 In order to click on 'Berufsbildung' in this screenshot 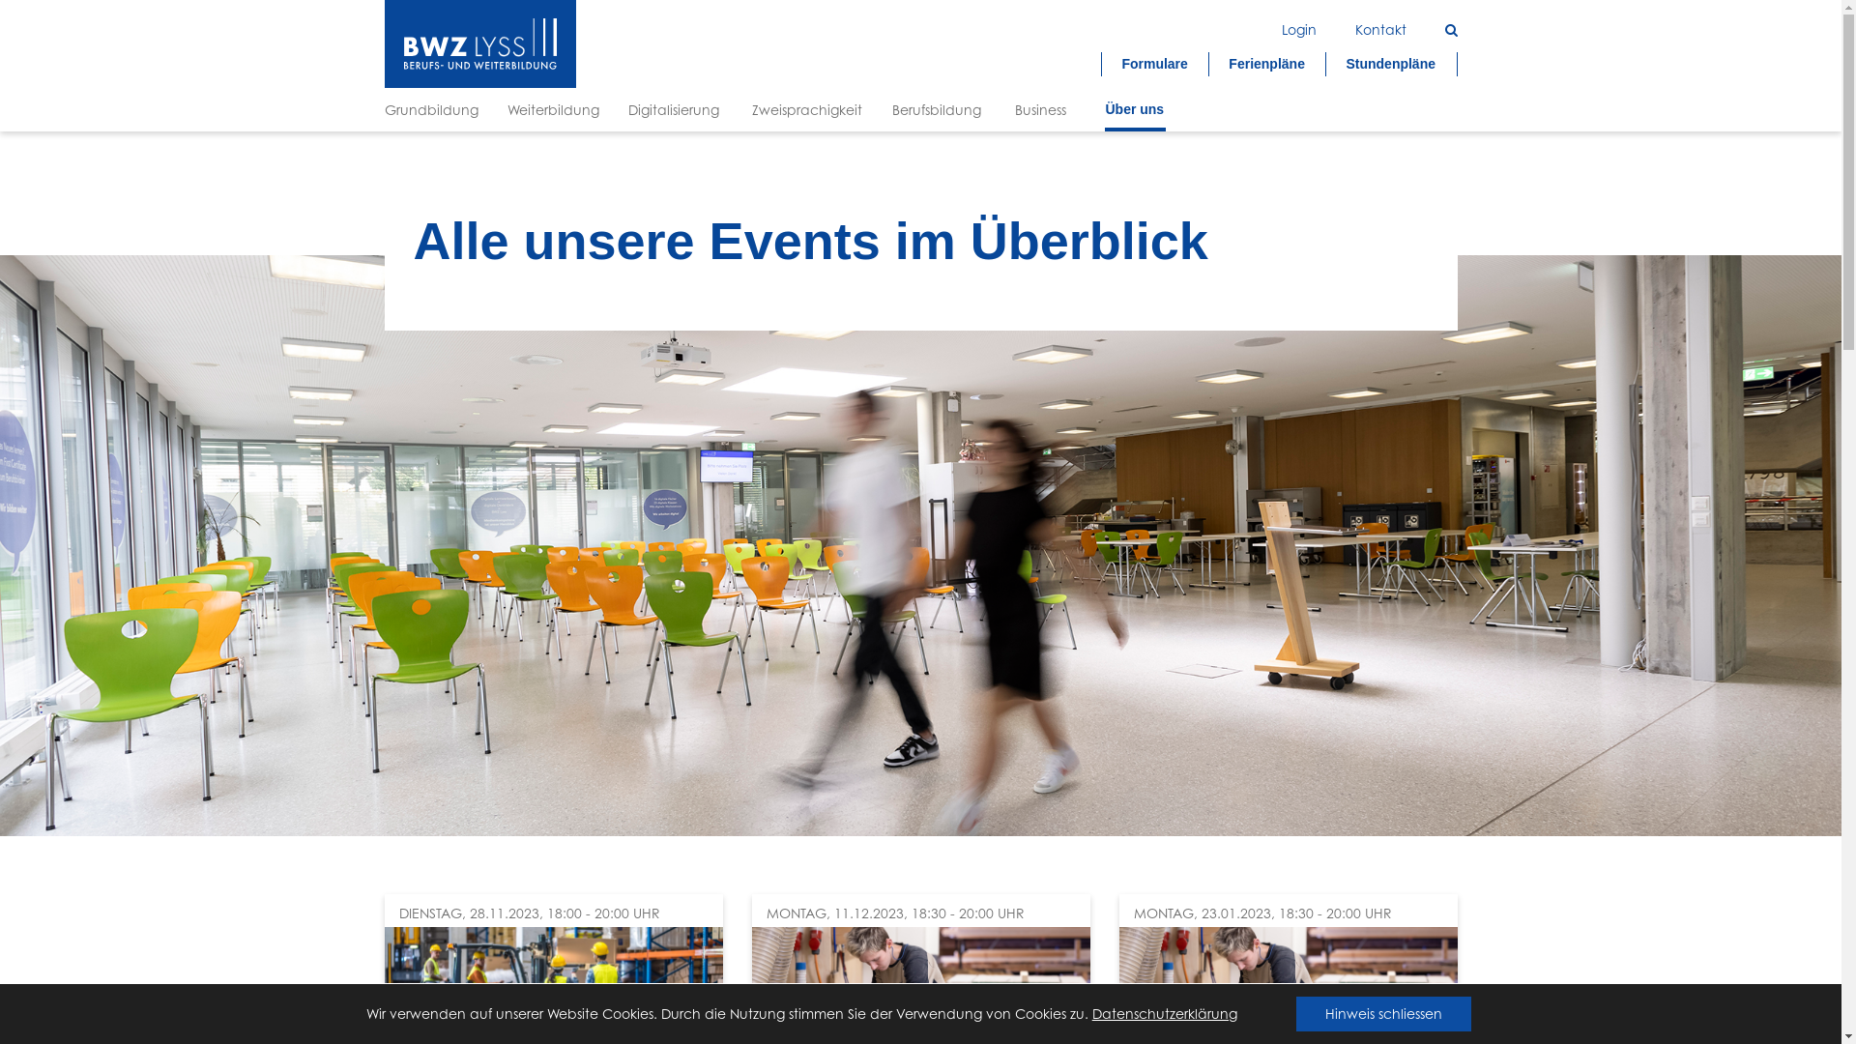, I will do `click(938, 109)`.